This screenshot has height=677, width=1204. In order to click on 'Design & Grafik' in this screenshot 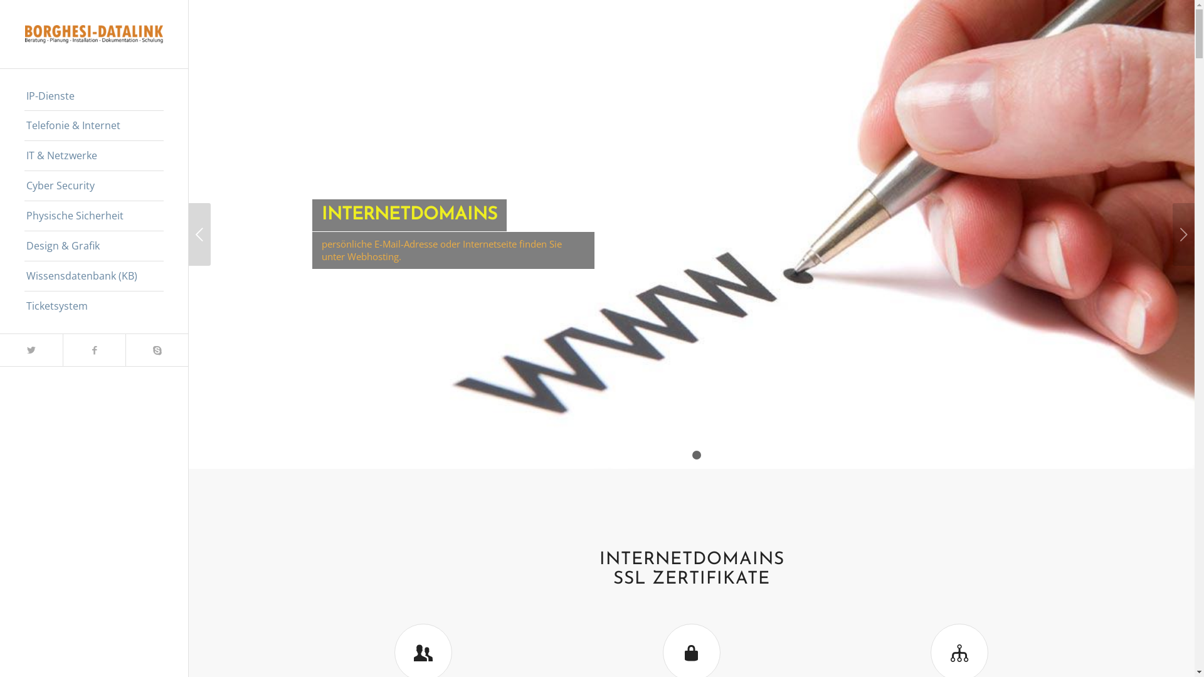, I will do `click(93, 246)`.